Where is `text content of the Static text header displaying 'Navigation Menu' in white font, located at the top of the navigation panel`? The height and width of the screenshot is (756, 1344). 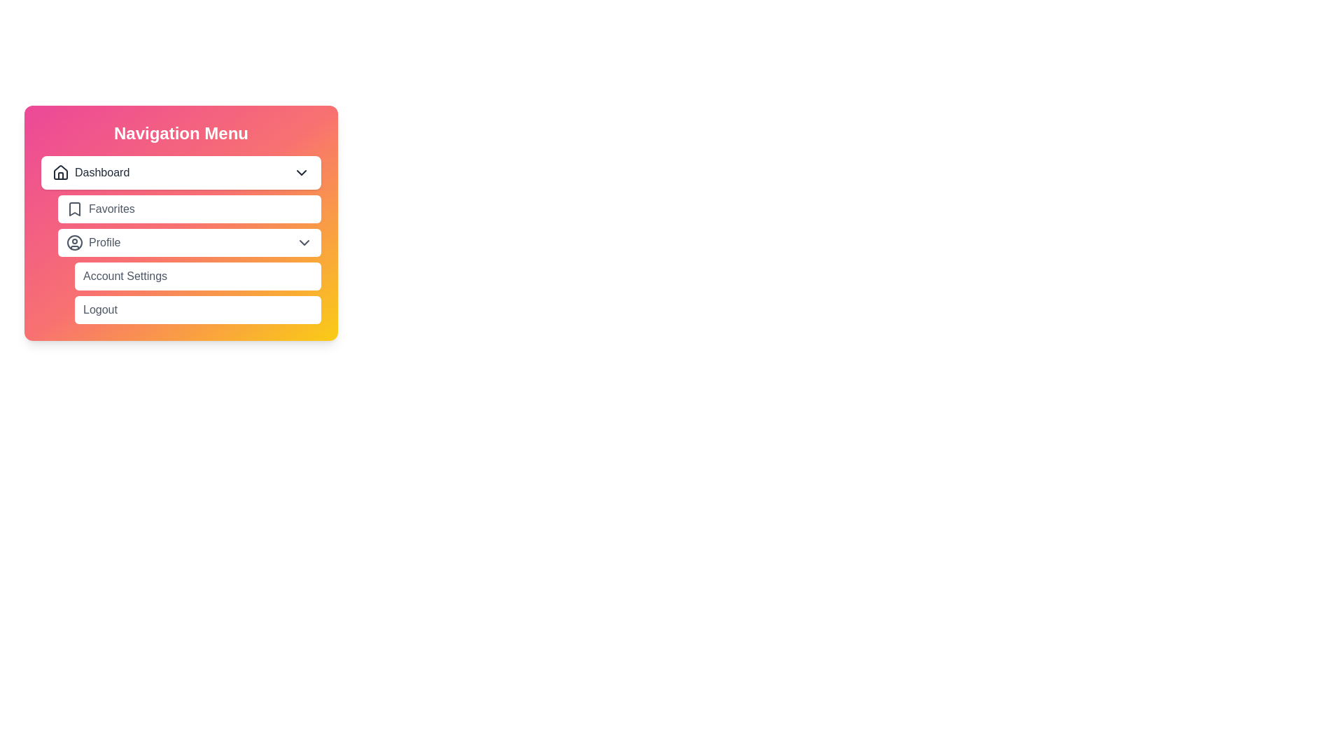
text content of the Static text header displaying 'Navigation Menu' in white font, located at the top of the navigation panel is located at coordinates (181, 134).